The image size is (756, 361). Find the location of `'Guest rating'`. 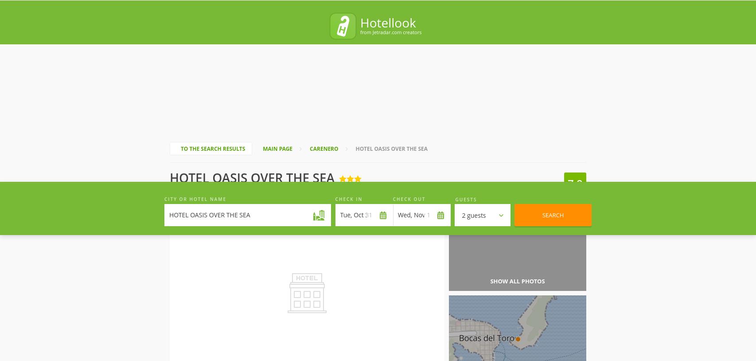

'Guest rating' is located at coordinates (539, 6).